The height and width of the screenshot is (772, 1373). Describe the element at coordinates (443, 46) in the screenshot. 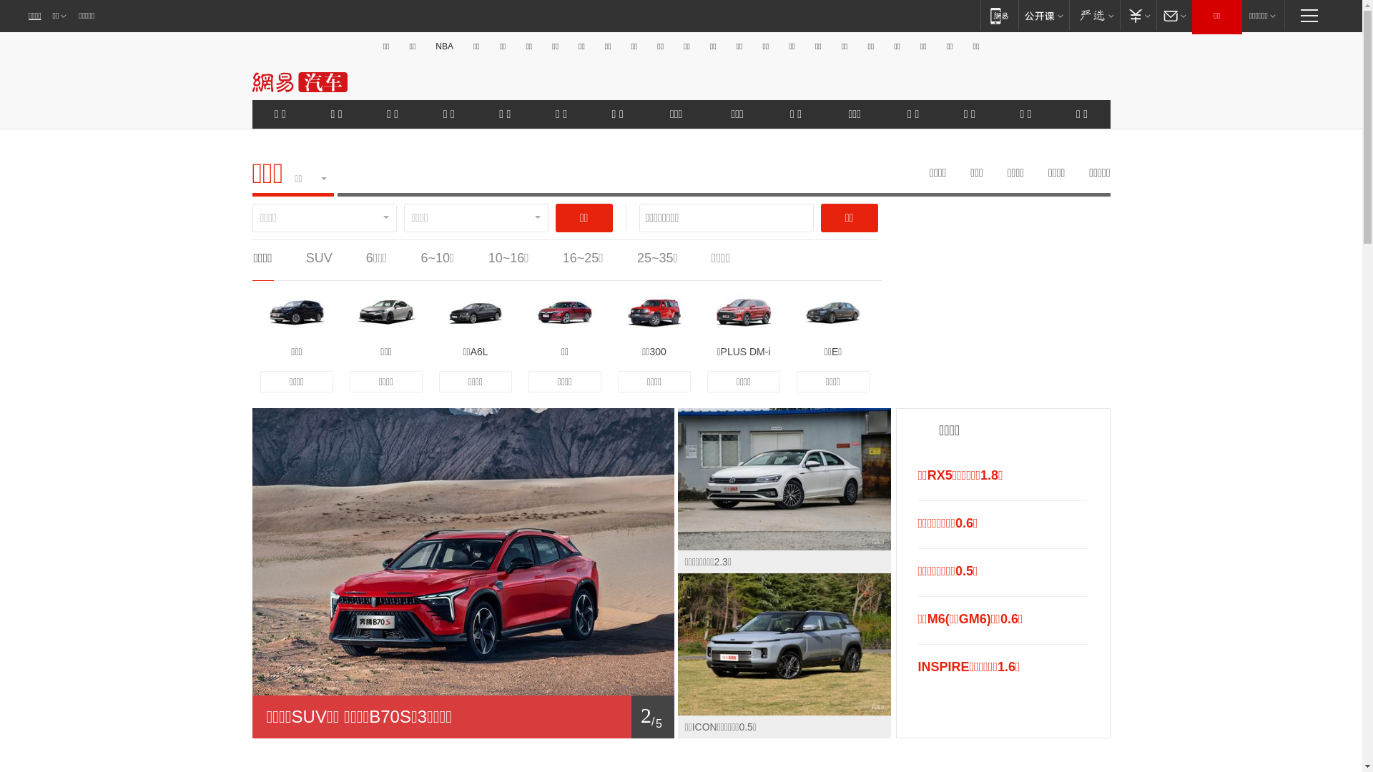

I see `'NBA'` at that location.